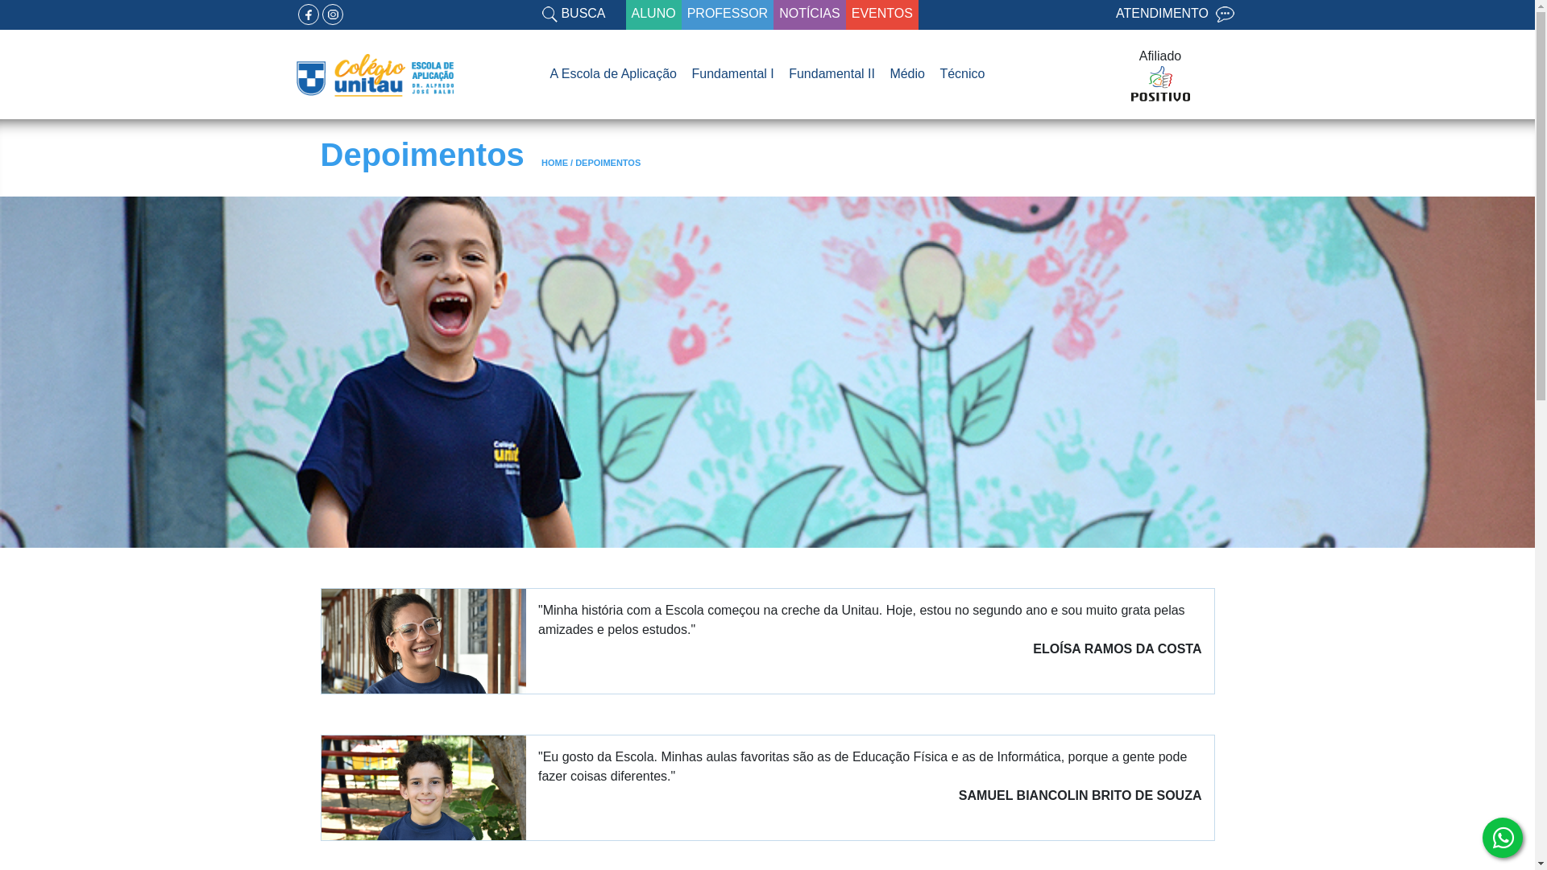 This screenshot has height=870, width=1547. Describe the element at coordinates (331, 14) in the screenshot. I see `'Instagram'` at that location.